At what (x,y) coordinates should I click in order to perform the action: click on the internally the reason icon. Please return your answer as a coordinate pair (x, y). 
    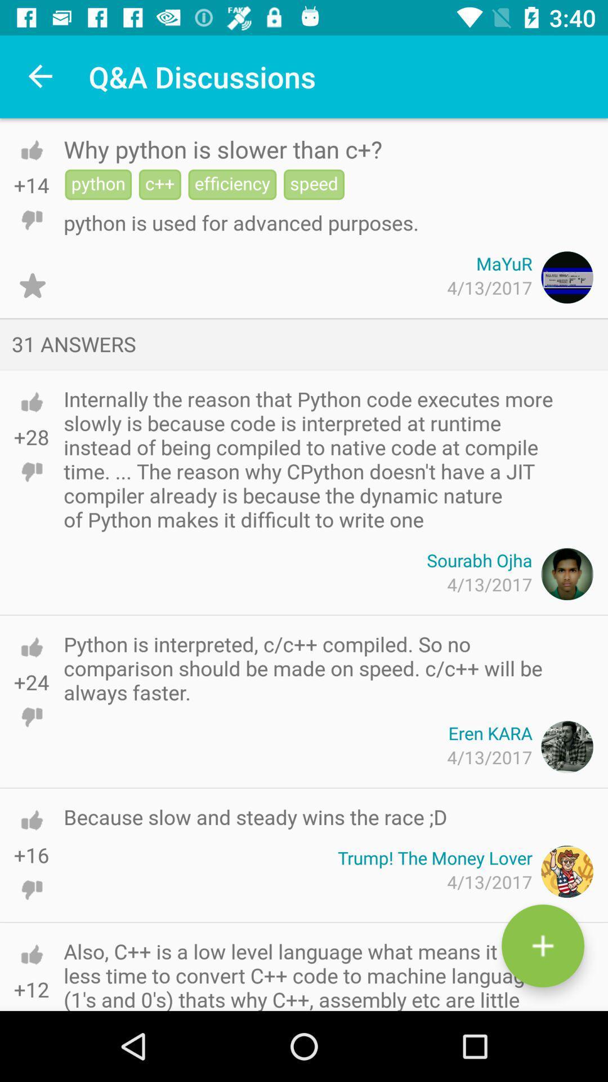
    Looking at the image, I should click on (315, 459).